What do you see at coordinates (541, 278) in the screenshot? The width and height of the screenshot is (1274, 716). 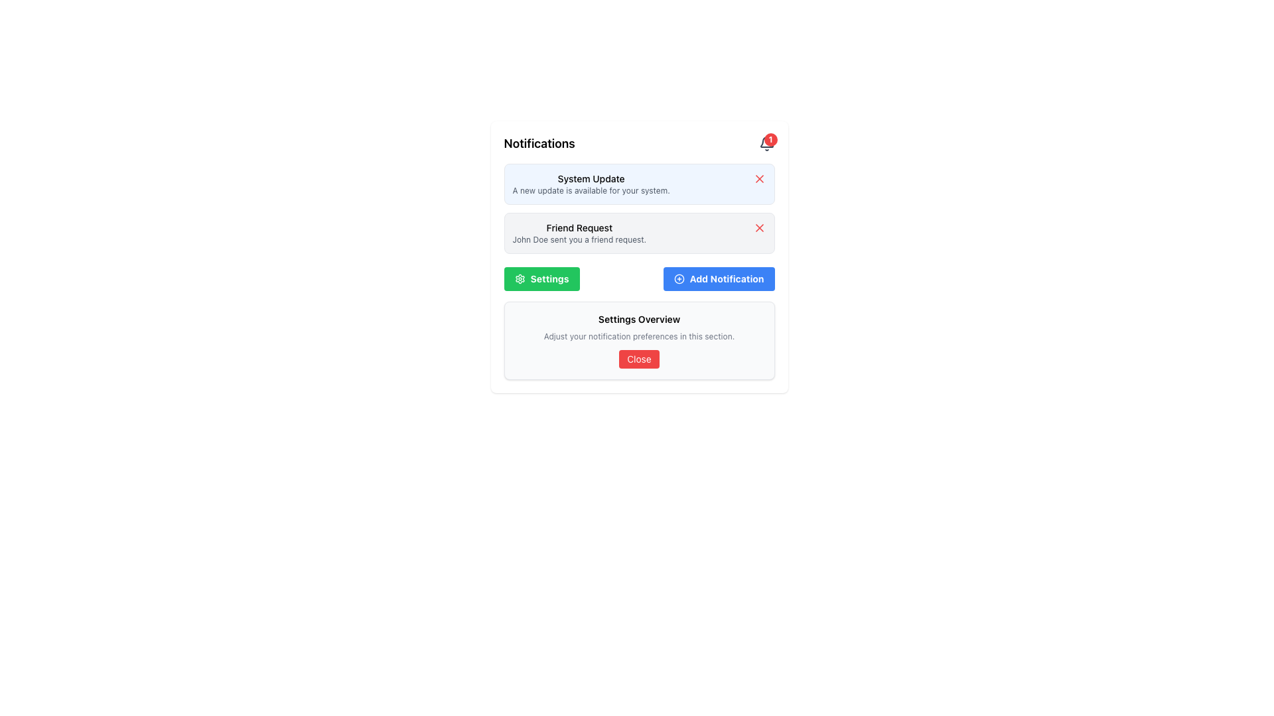 I see `the leftmost button in the horizontal alignment that opens the settings section of the application to modify preferences or configure options` at bounding box center [541, 278].